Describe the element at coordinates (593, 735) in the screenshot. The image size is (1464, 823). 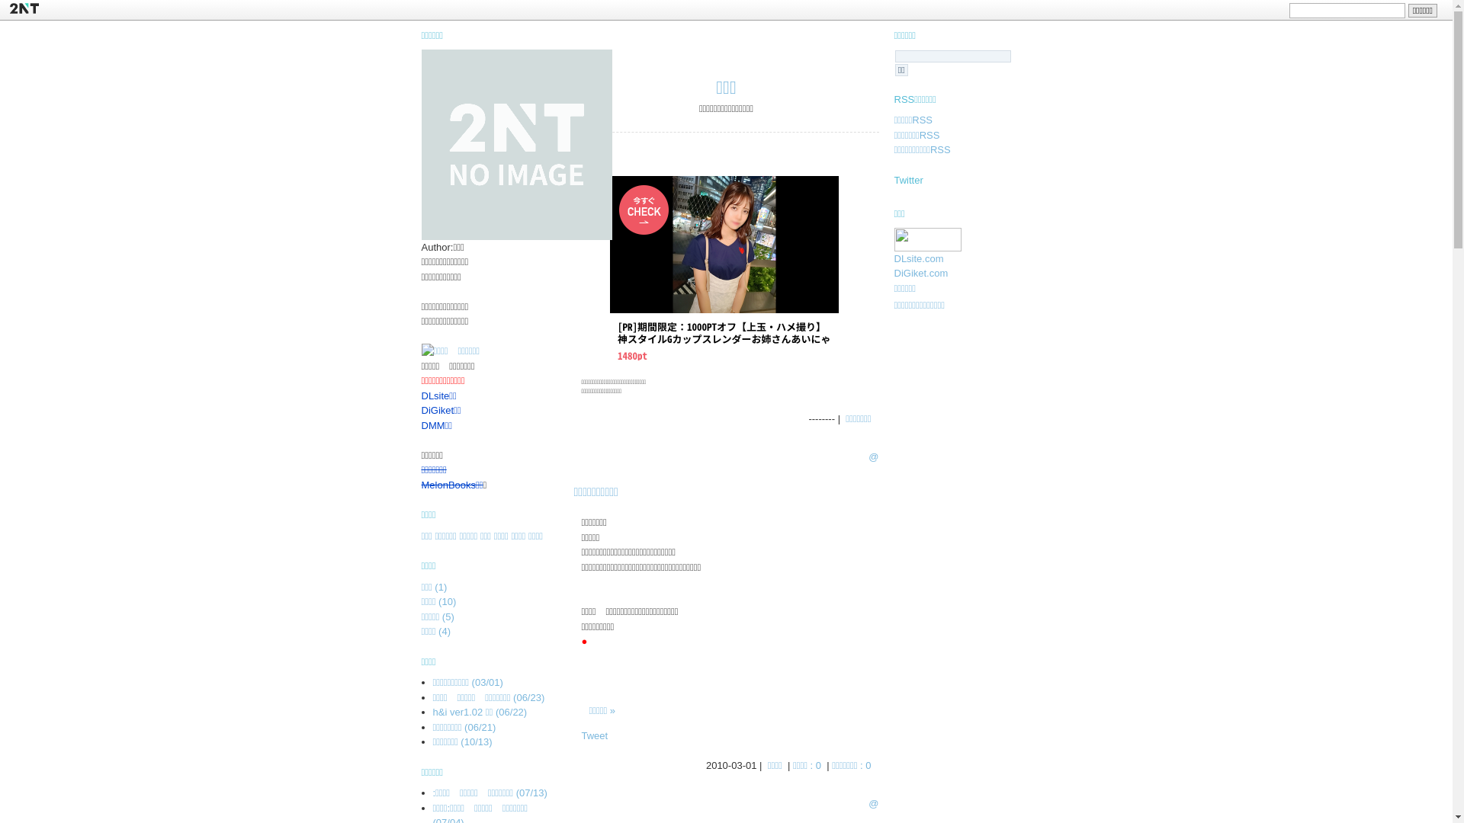
I see `'Tweet'` at that location.